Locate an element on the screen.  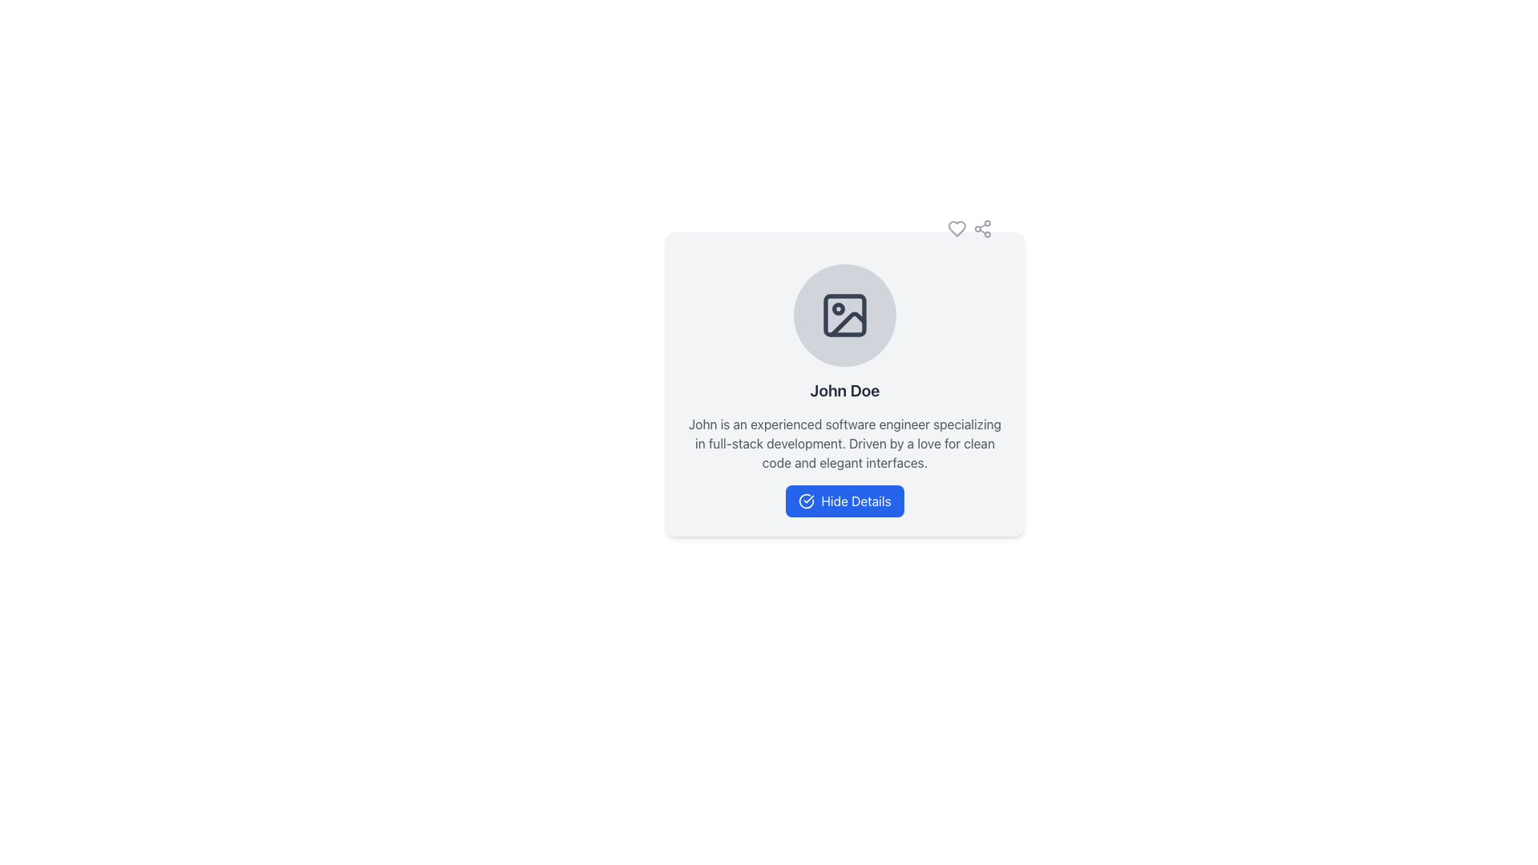
the heart-shaped icon with a hollow interior, located above the user profile card in the top-right quadrant, adjacent to a share icon is located at coordinates (957, 228).